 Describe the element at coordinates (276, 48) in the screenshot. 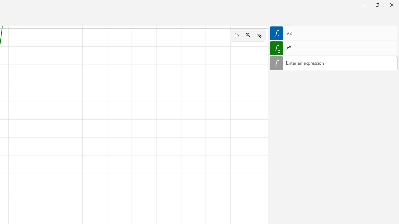

I see `'Hide equation 2'` at that location.